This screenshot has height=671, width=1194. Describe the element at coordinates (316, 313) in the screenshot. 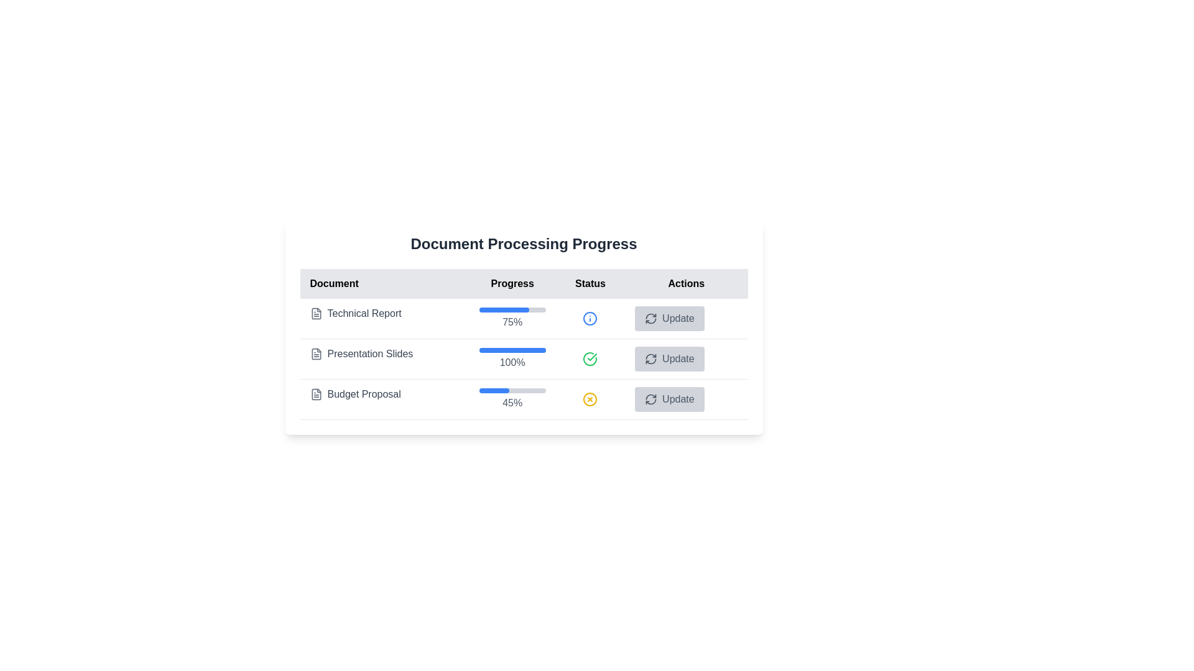

I see `the 'Technical Report' icon in the first column of the first row under the 'Document' header` at that location.